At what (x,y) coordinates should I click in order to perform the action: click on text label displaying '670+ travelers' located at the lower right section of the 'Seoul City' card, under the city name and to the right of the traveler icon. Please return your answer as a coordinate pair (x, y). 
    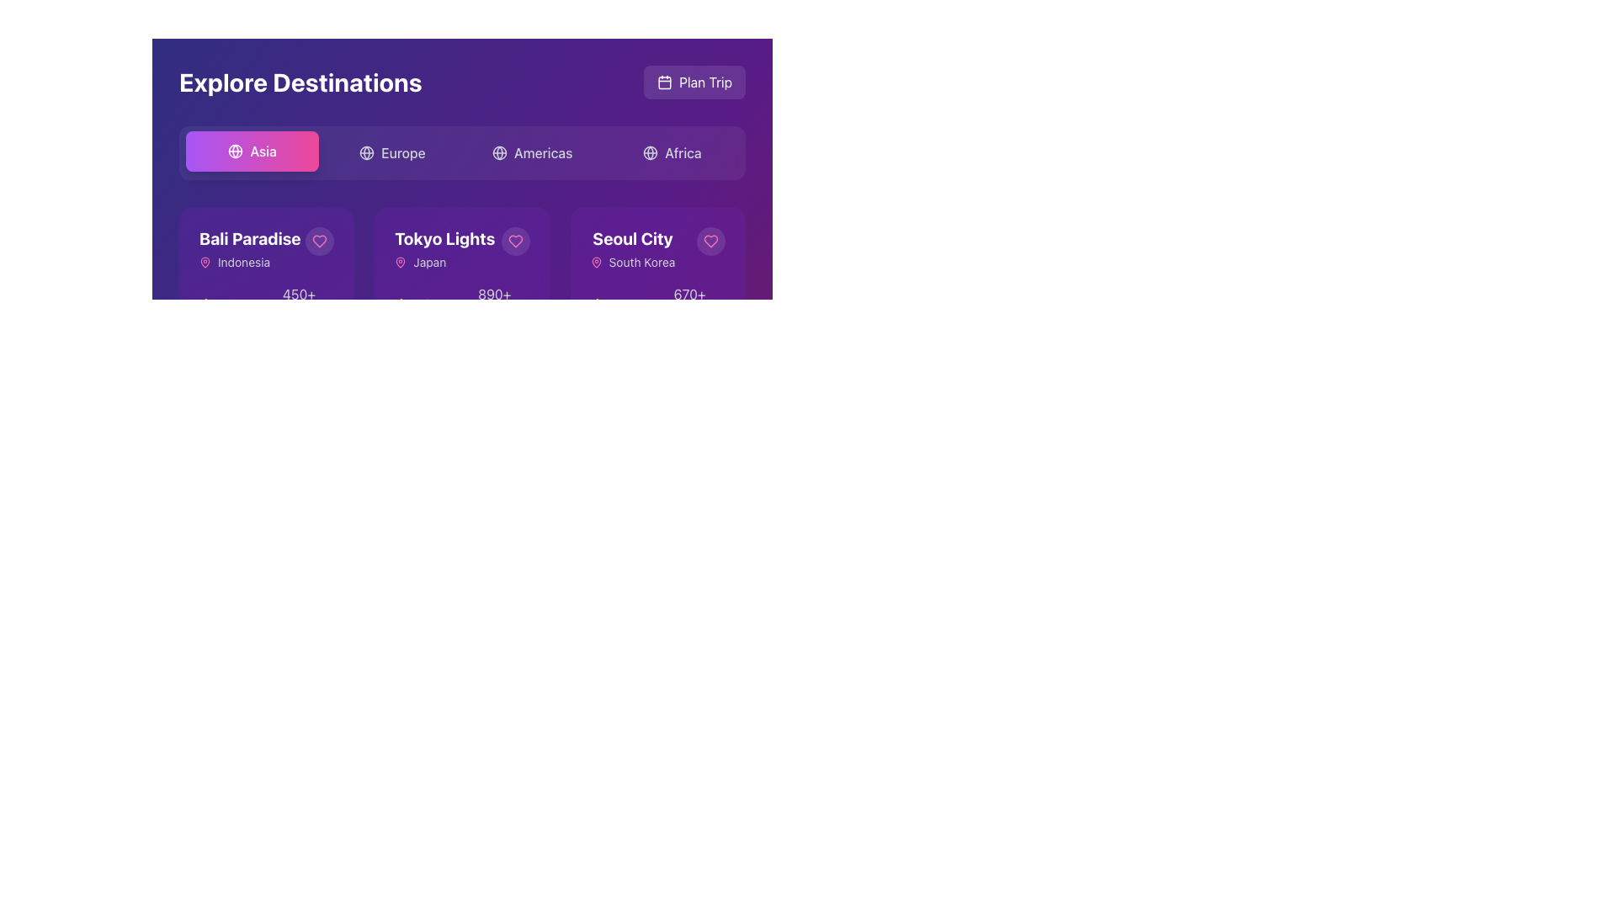
    Looking at the image, I should click on (689, 305).